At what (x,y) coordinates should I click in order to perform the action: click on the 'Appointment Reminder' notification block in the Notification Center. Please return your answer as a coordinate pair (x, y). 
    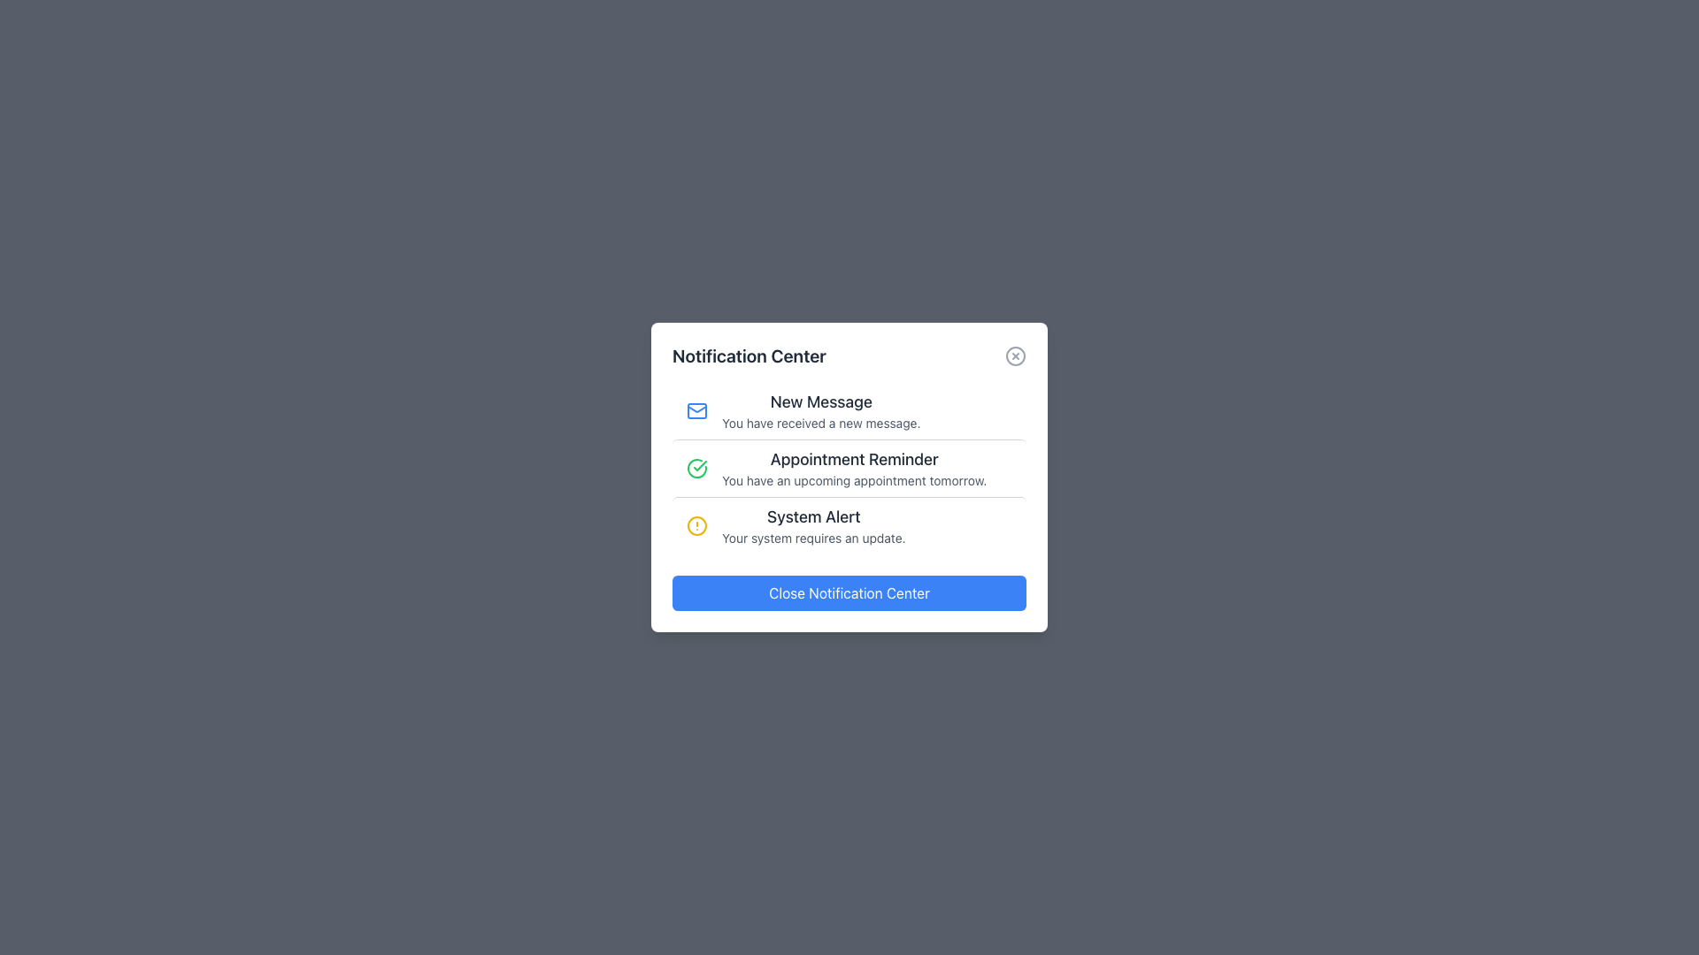
    Looking at the image, I should click on (854, 467).